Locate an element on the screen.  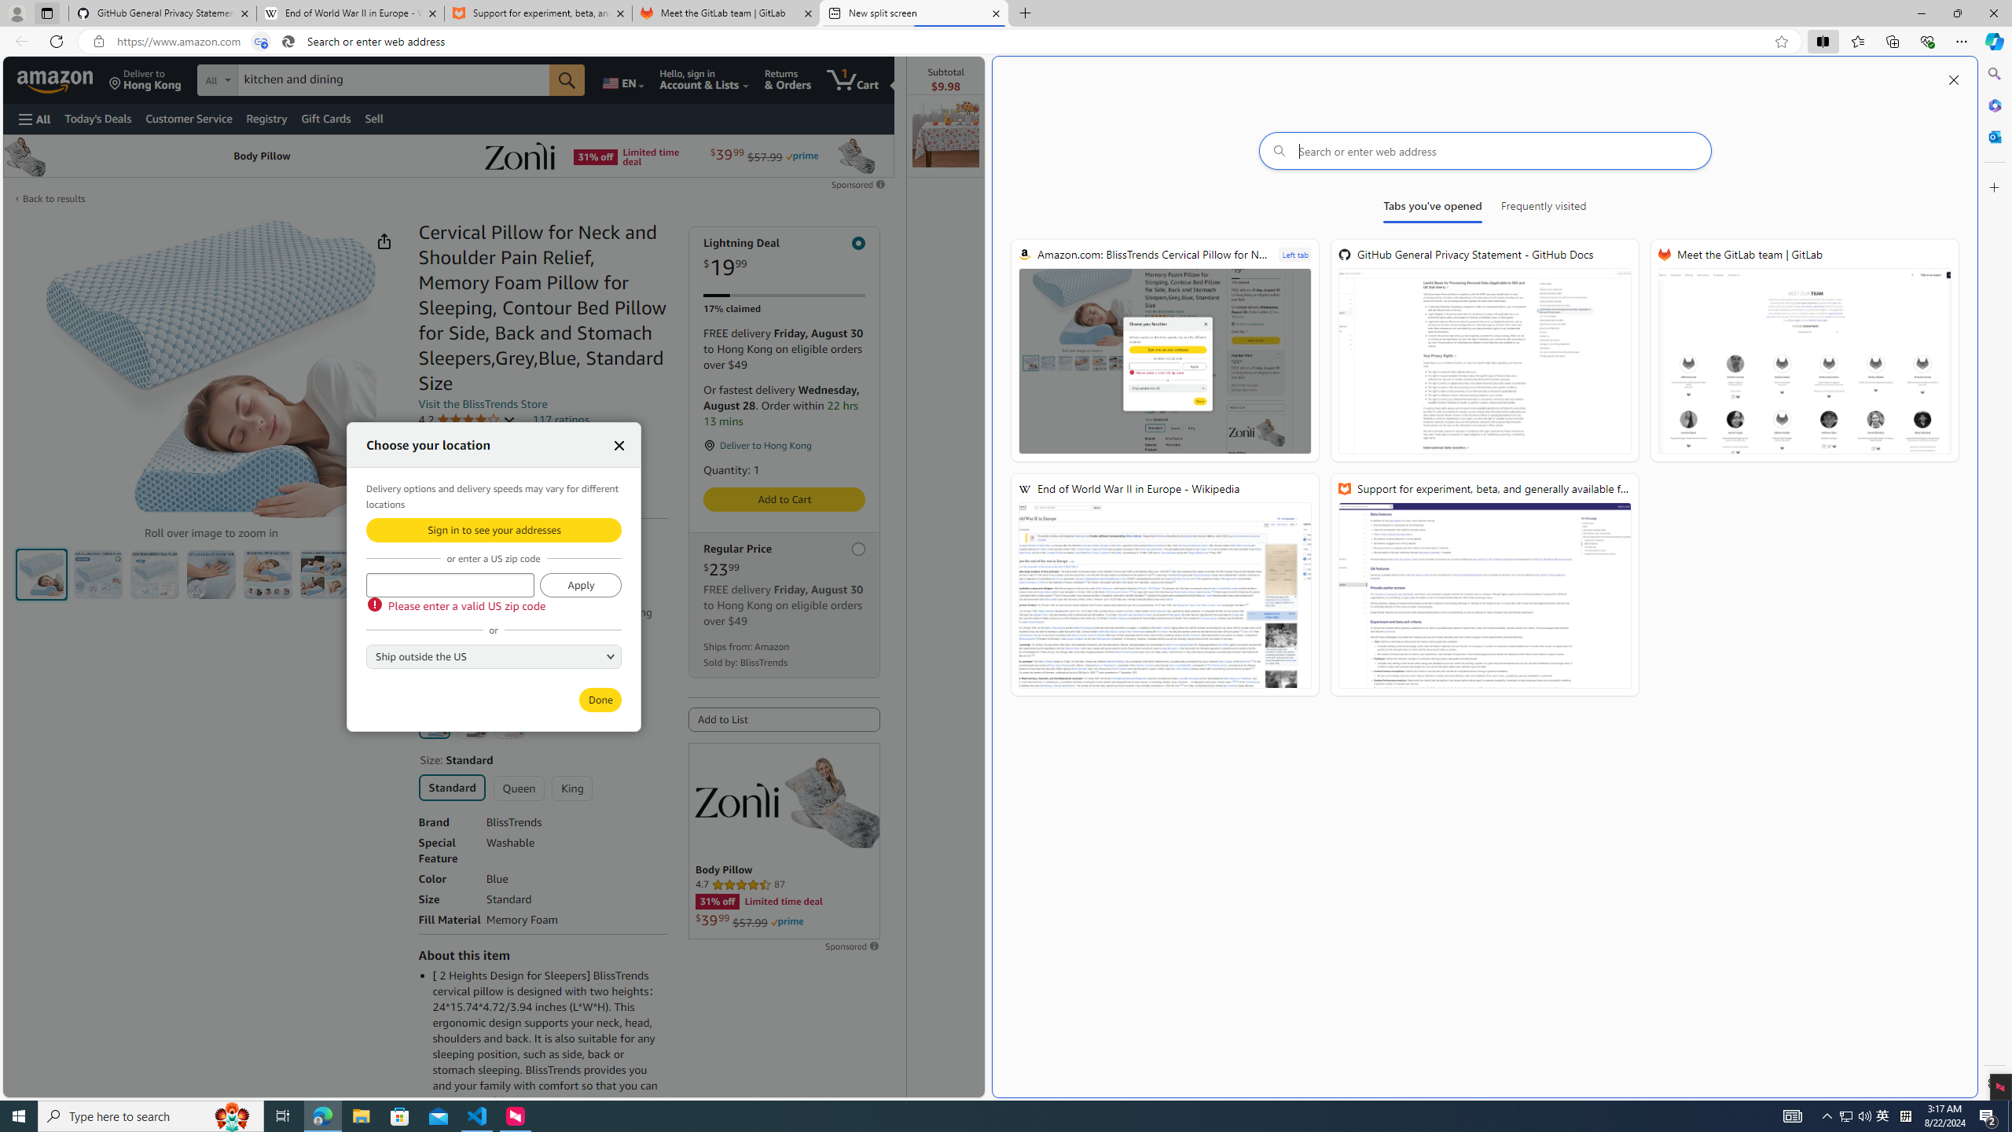
'End of World War II in Europe - Wikipedia' is located at coordinates (1164, 584).